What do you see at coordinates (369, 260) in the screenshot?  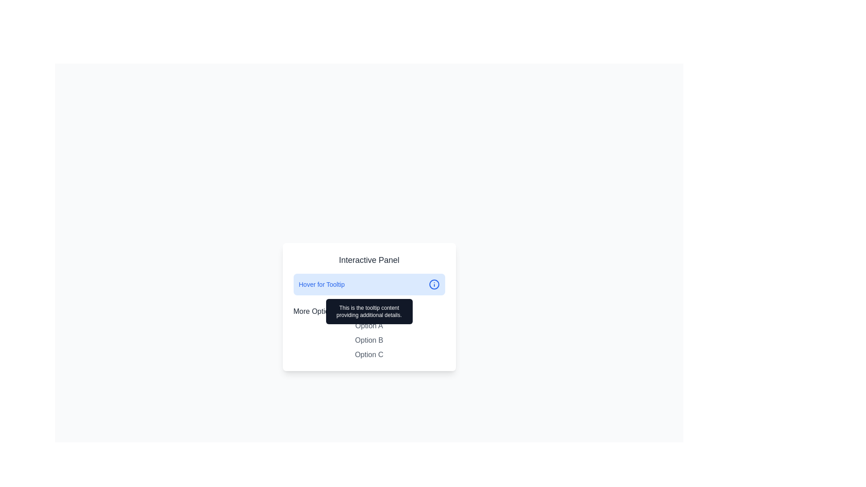 I see `the text label at the top of the white rounded panel that serves as a header or title for the panel's content` at bounding box center [369, 260].